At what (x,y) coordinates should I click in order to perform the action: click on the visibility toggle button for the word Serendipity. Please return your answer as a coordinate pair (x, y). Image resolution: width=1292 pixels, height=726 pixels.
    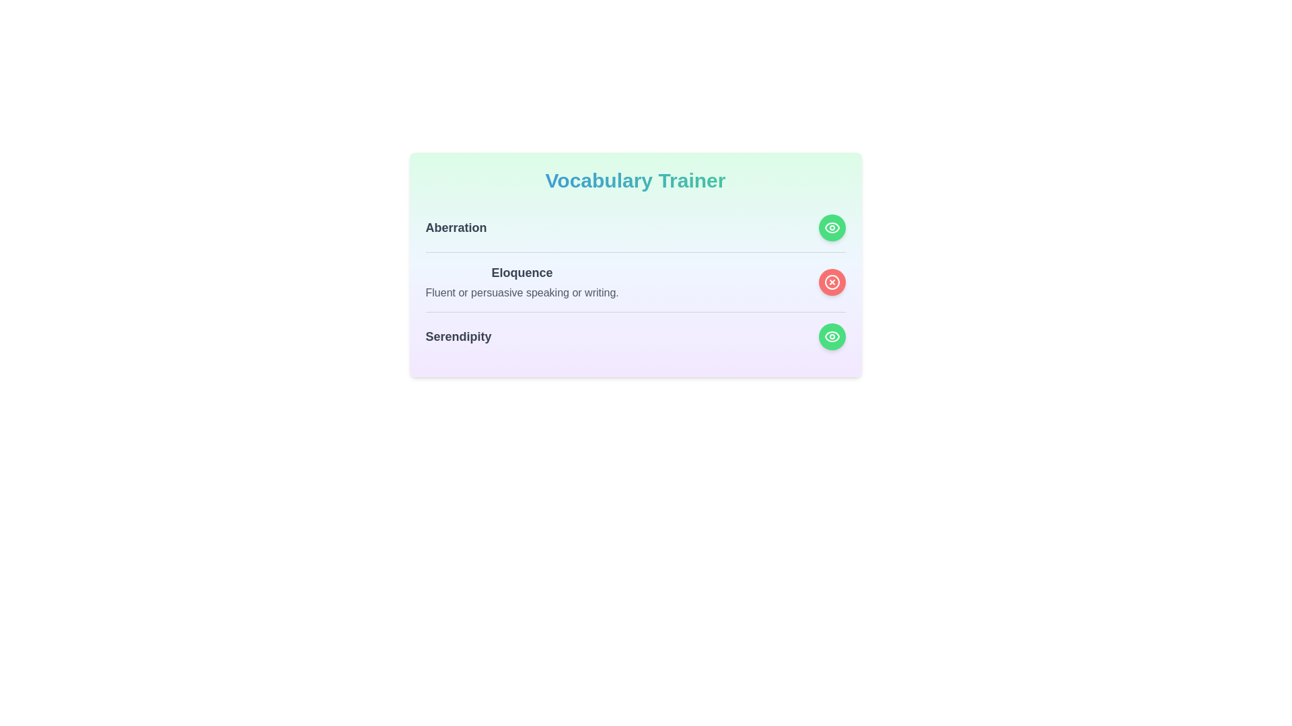
    Looking at the image, I should click on (831, 336).